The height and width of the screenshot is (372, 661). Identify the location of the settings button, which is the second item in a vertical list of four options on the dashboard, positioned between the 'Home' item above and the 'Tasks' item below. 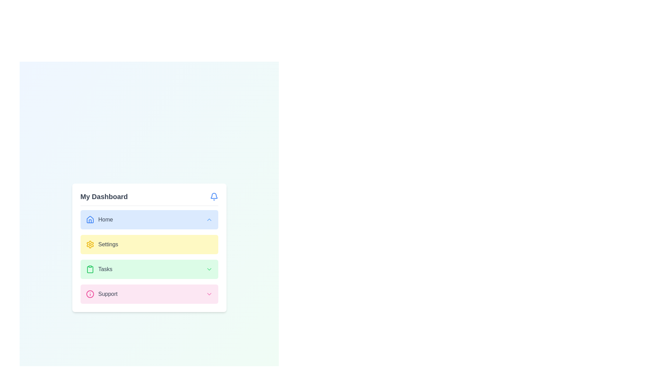
(149, 247).